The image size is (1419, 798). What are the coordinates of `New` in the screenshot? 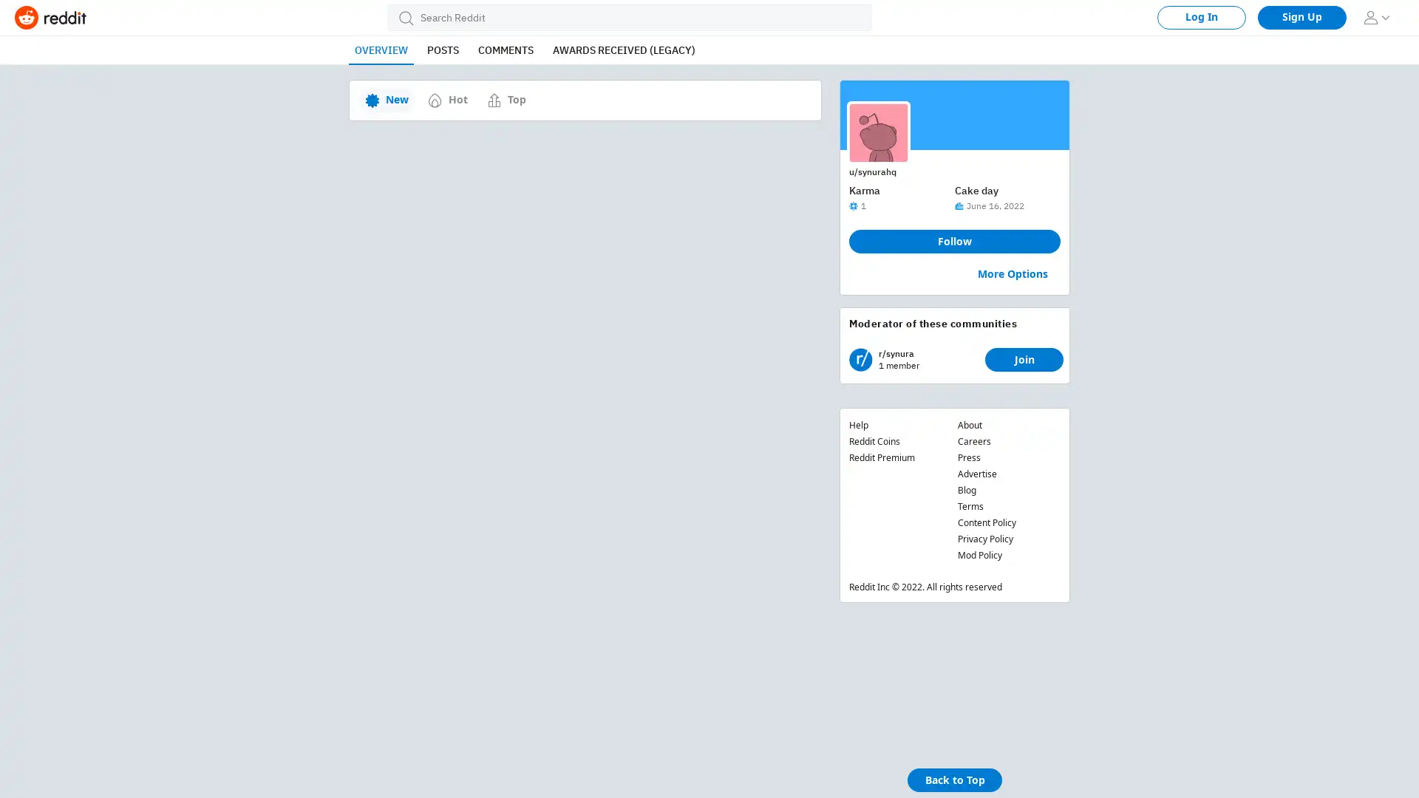 It's located at (387, 100).